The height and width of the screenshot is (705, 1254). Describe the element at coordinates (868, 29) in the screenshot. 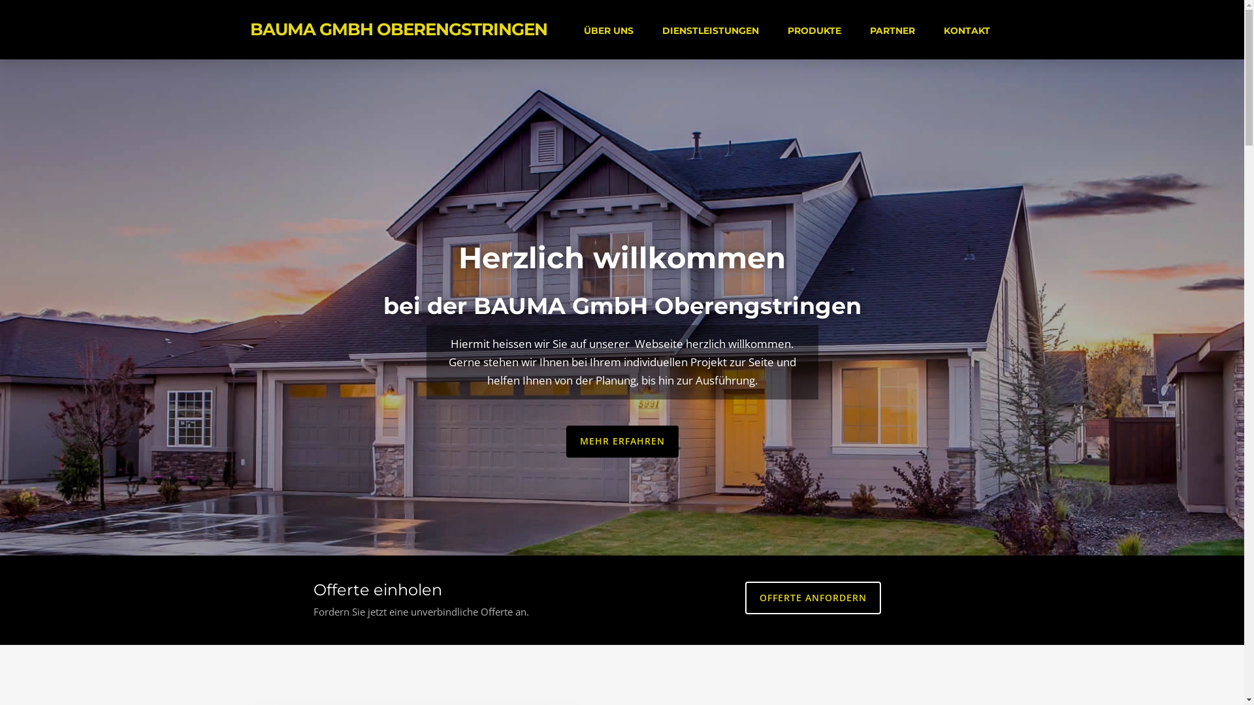

I see `'PARTNER'` at that location.